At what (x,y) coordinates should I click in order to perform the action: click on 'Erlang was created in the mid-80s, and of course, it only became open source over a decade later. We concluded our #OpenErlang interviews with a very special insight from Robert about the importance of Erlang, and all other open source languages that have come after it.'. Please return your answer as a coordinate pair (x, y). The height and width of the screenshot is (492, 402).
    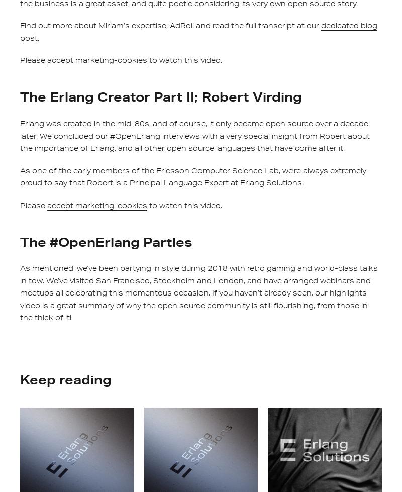
    Looking at the image, I should click on (20, 136).